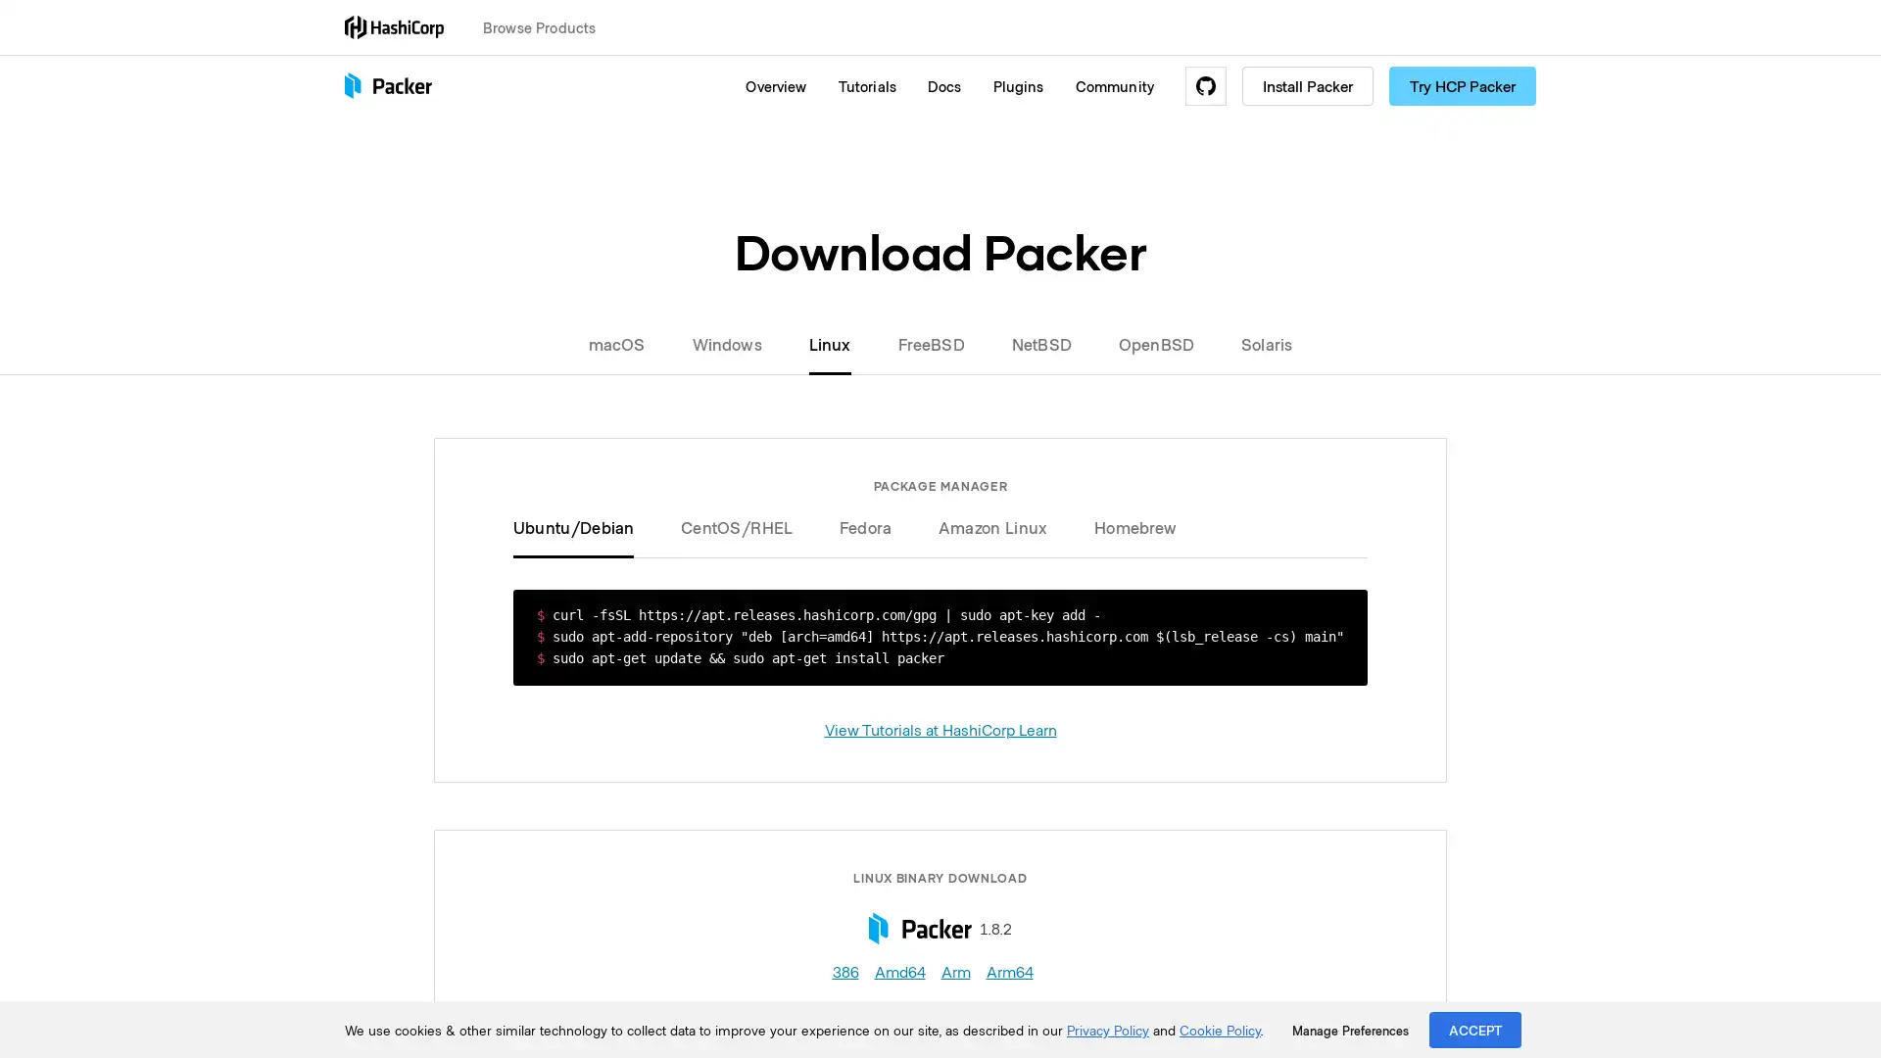 The image size is (1881, 1058). Describe the element at coordinates (1255, 343) in the screenshot. I see `Solaris` at that location.